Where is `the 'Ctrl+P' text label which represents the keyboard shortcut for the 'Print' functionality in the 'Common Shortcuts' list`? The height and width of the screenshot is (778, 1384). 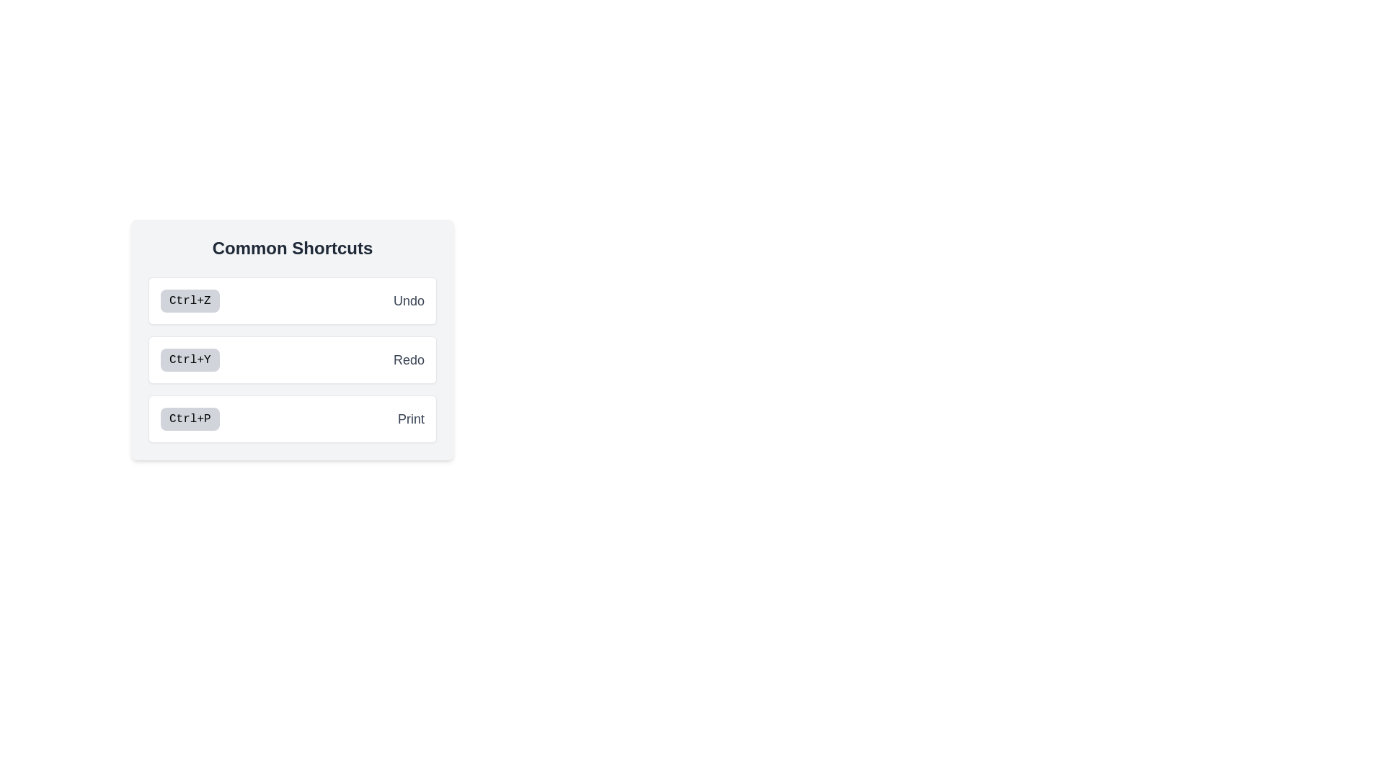
the 'Ctrl+P' text label which represents the keyboard shortcut for the 'Print' functionality in the 'Common Shortcuts' list is located at coordinates (189, 419).